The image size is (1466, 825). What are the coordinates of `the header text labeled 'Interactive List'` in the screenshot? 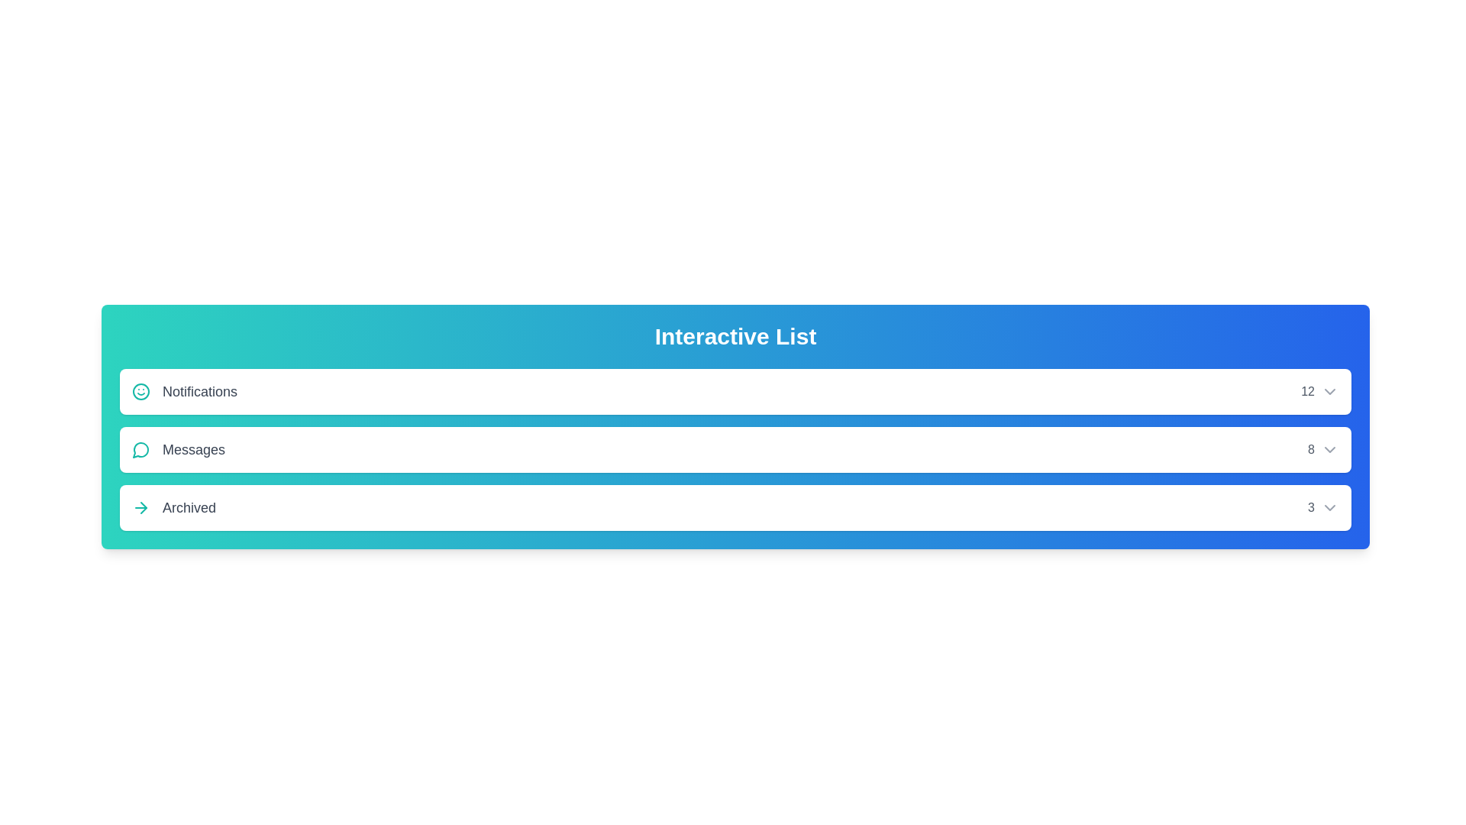 It's located at (735, 335).